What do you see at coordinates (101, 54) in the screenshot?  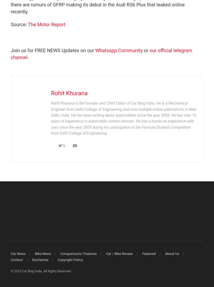 I see `'our official telegram channel'` at bounding box center [101, 54].